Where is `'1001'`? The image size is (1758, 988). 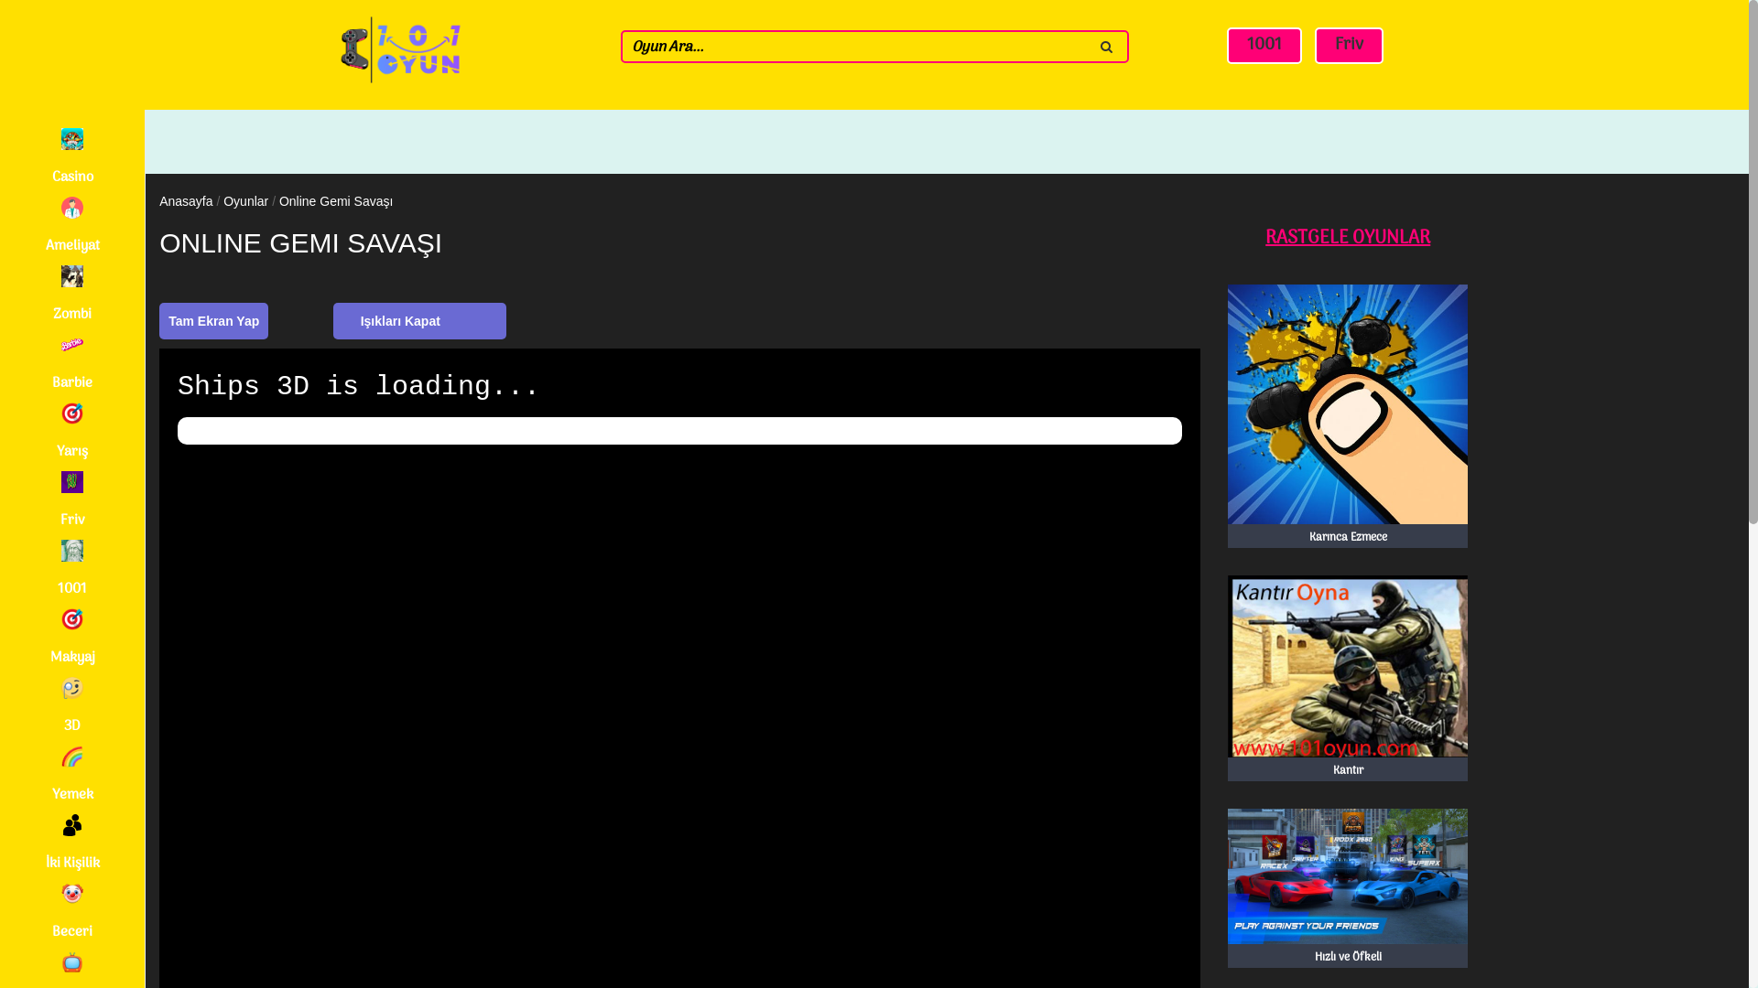 '1001' is located at coordinates (1264, 45).